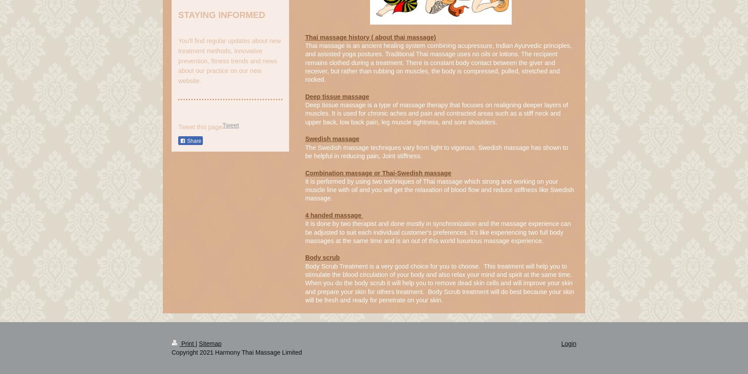 This screenshot has width=748, height=374. I want to click on 'The Swedish massage techniques vary from light to vigorous. Swedish massage has shown to be helpful in reducing pain, Joint stiffness.', so click(304, 151).